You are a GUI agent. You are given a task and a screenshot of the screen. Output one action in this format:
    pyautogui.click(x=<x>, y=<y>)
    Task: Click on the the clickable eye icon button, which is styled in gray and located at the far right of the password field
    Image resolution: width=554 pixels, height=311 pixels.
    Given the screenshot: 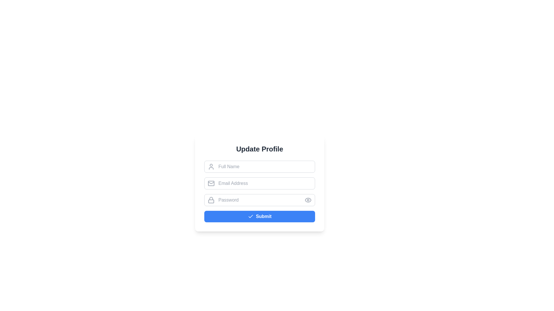 What is the action you would take?
    pyautogui.click(x=308, y=200)
    